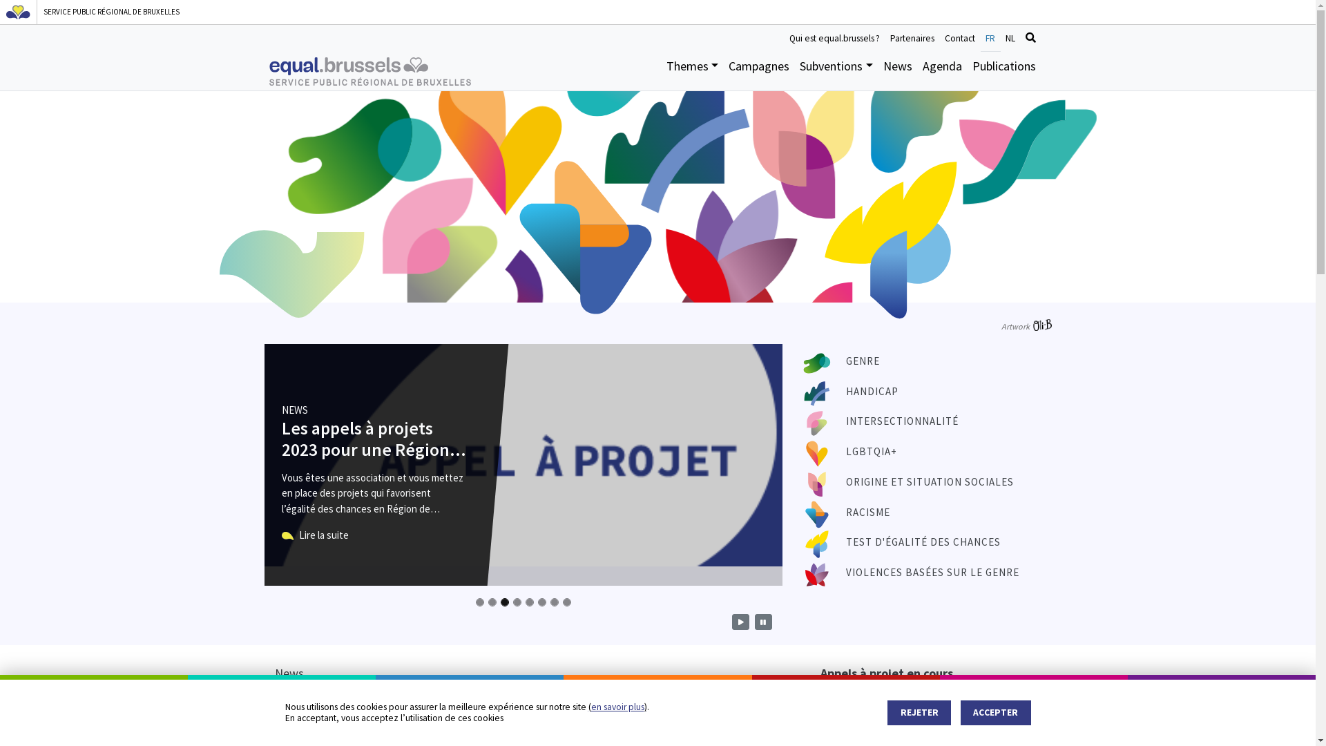 The image size is (1326, 746). Describe the element at coordinates (617, 707) in the screenshot. I see `'en savoir plus'` at that location.